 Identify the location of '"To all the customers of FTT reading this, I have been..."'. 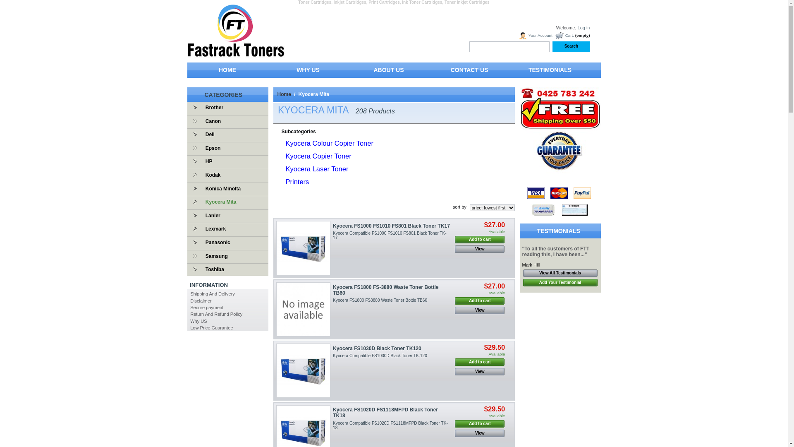
(521, 251).